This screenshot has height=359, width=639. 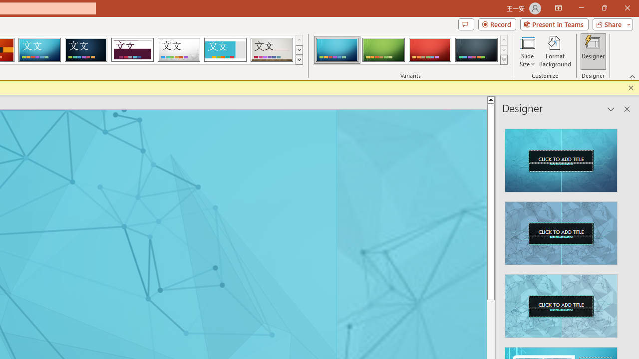 I want to click on 'Frame', so click(x=225, y=50).